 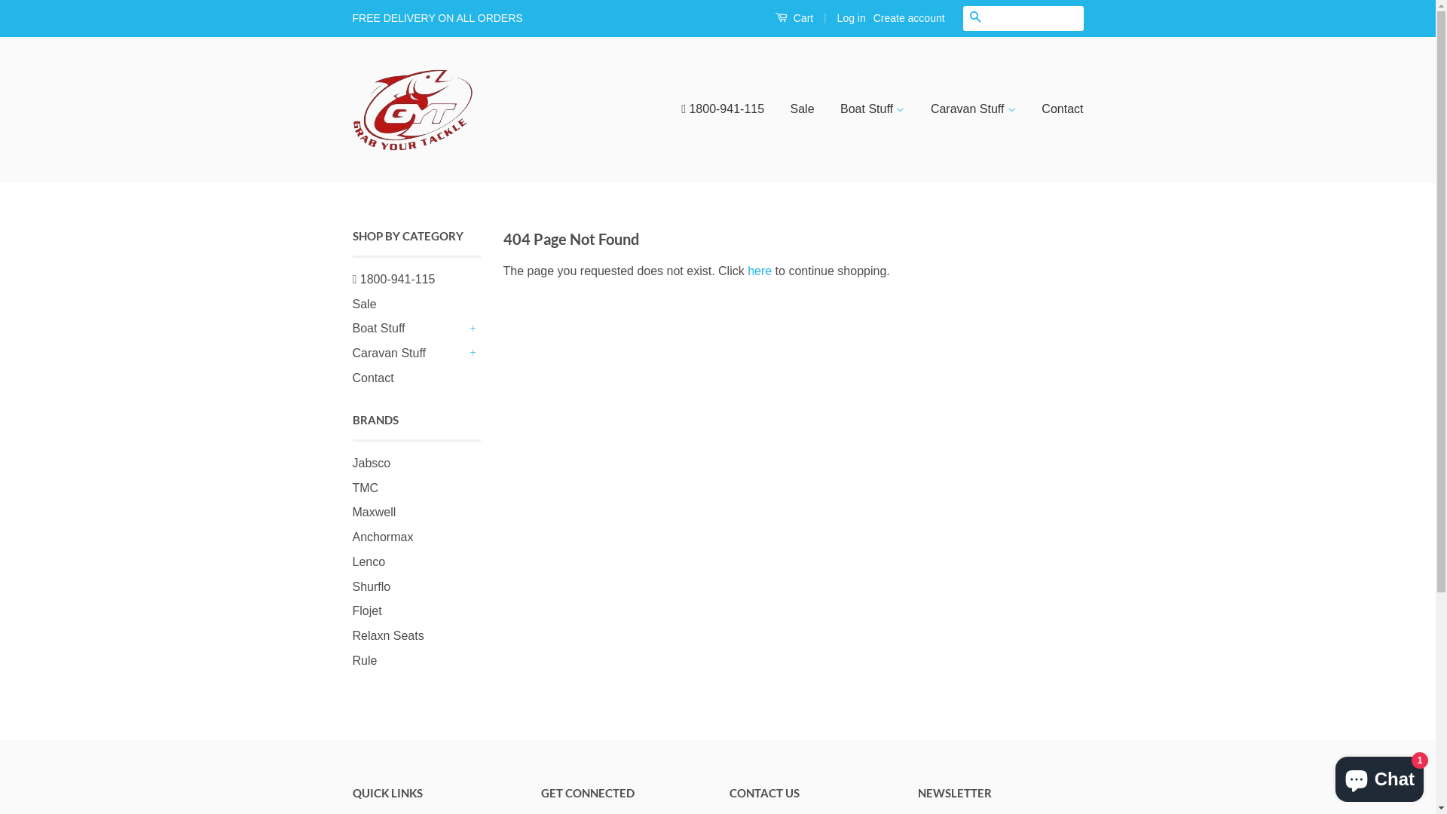 I want to click on 'Create account', so click(x=908, y=17).